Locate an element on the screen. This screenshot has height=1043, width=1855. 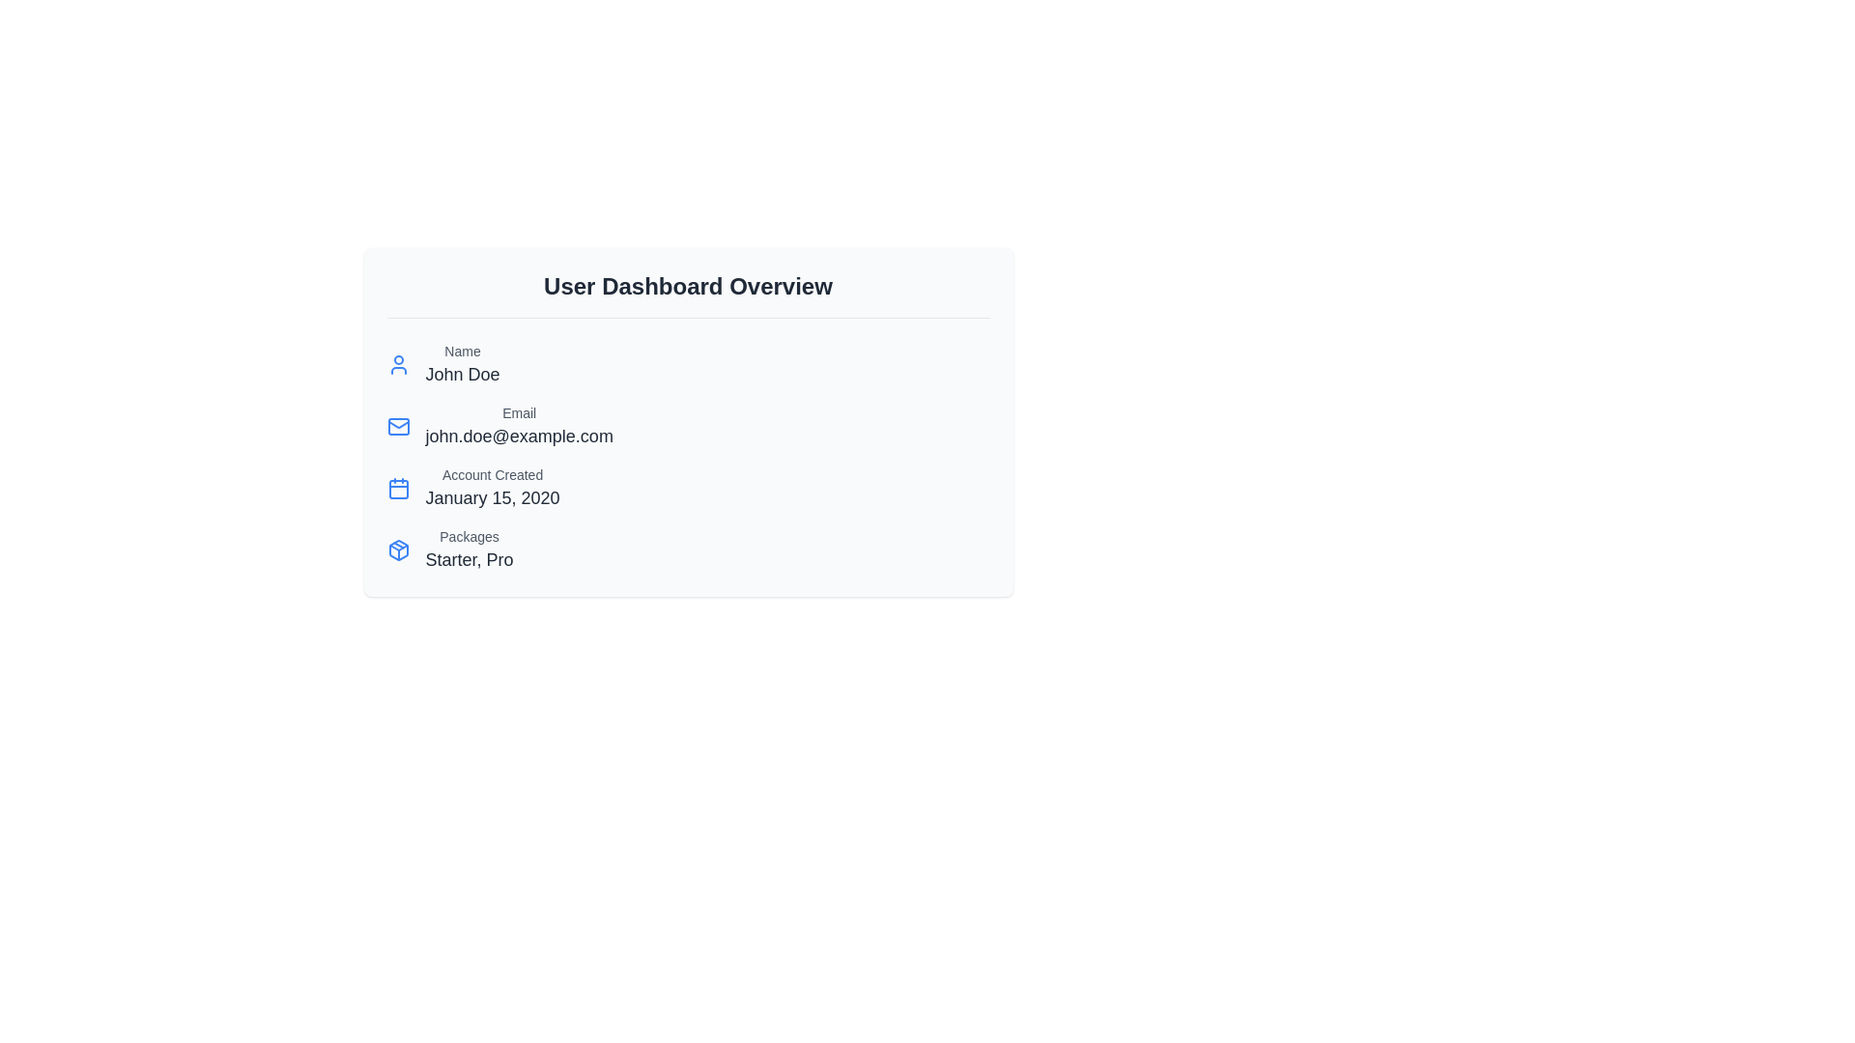
the Text label that displays the account creation date, located directly below 'Account Created' in the user dashboard section is located at coordinates (493, 497).